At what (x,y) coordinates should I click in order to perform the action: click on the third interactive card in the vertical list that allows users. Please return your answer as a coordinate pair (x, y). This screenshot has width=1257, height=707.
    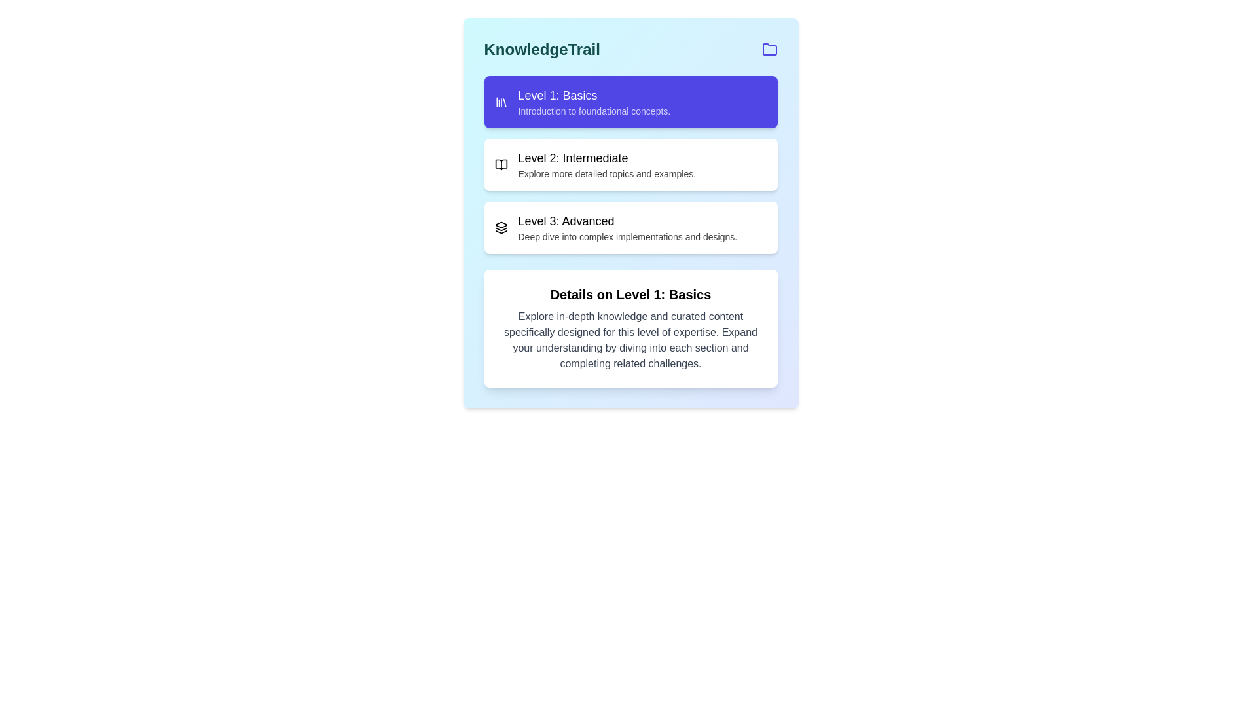
    Looking at the image, I should click on (630, 227).